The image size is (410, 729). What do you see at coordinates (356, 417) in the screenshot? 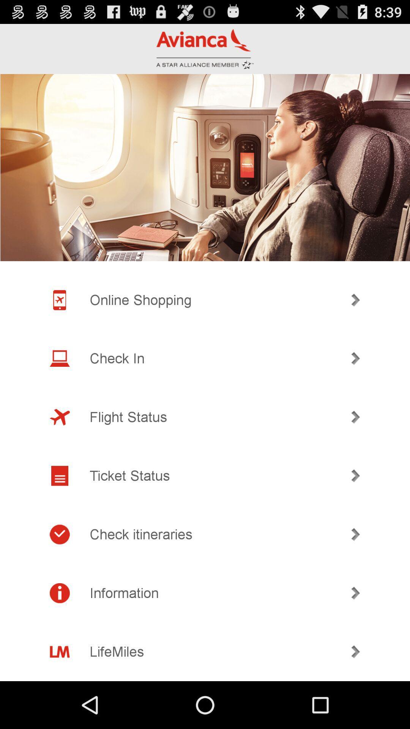
I see `icon on the right side of flight status` at bounding box center [356, 417].